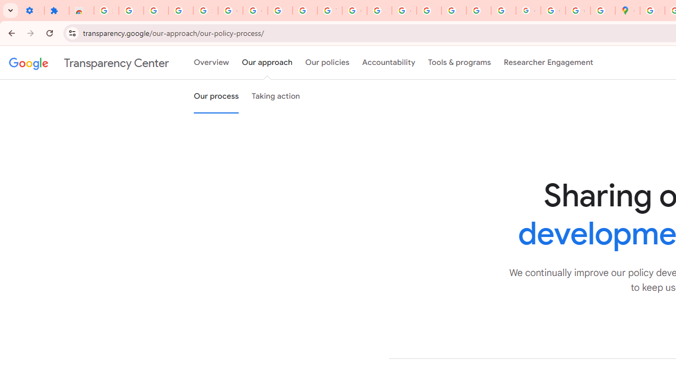  What do you see at coordinates (106, 11) in the screenshot?
I see `'Sign in - Google Accounts'` at bounding box center [106, 11].